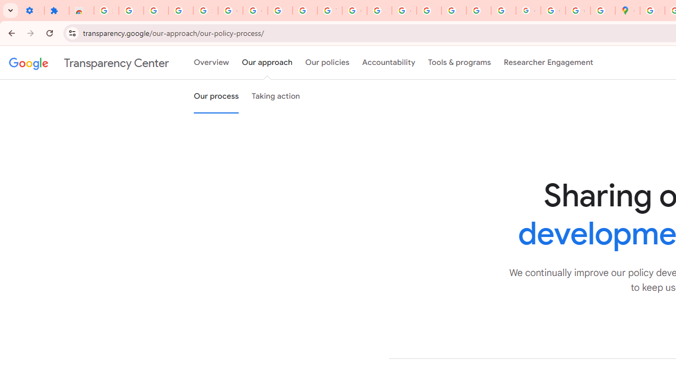  What do you see at coordinates (106, 11) in the screenshot?
I see `'Sign in - Google Accounts'` at bounding box center [106, 11].